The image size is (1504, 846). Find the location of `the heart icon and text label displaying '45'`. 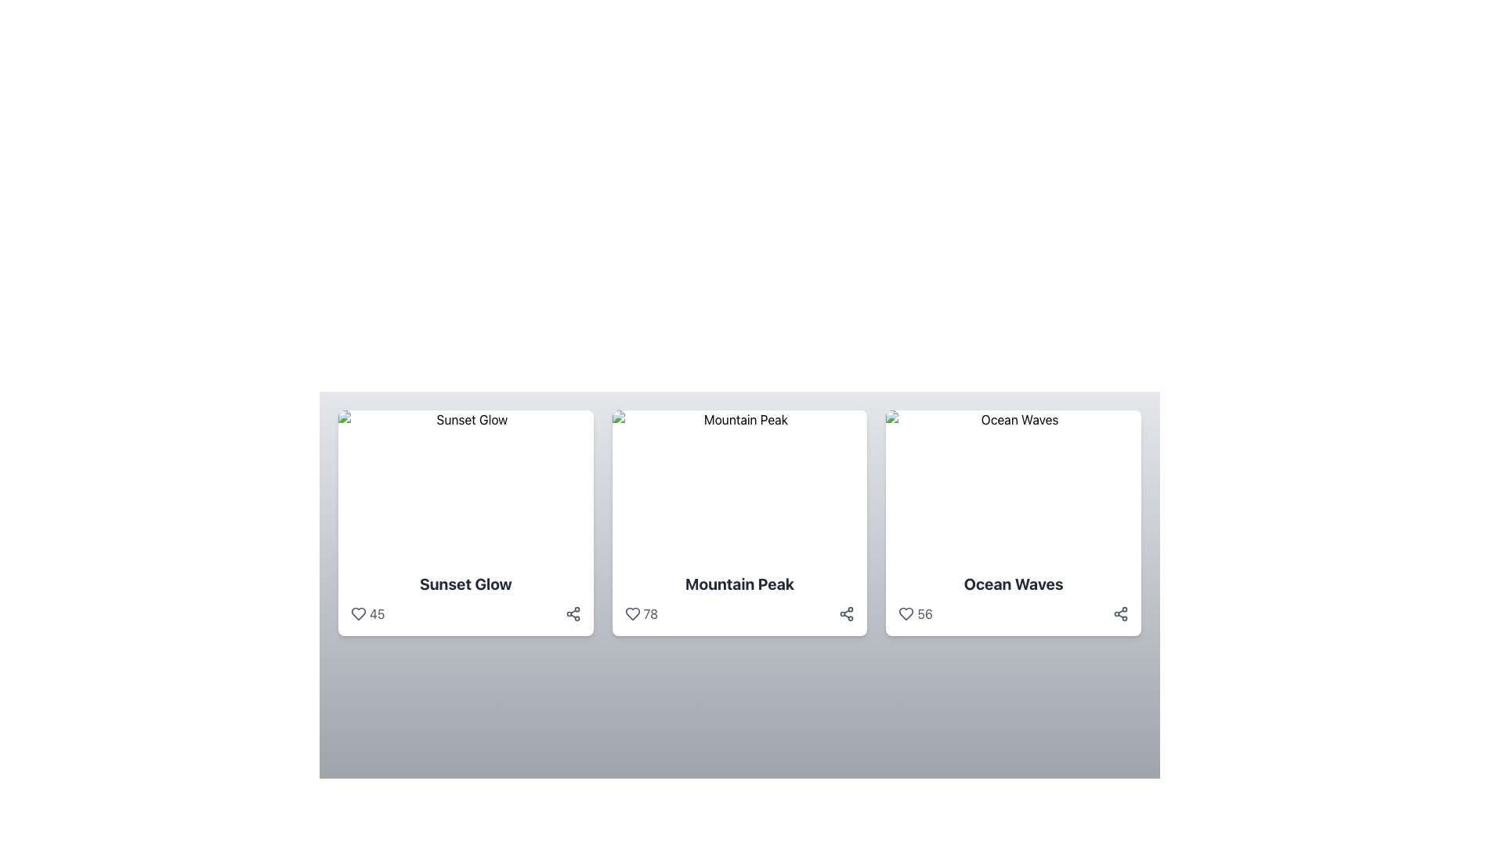

the heart icon and text label displaying '45' is located at coordinates (367, 613).